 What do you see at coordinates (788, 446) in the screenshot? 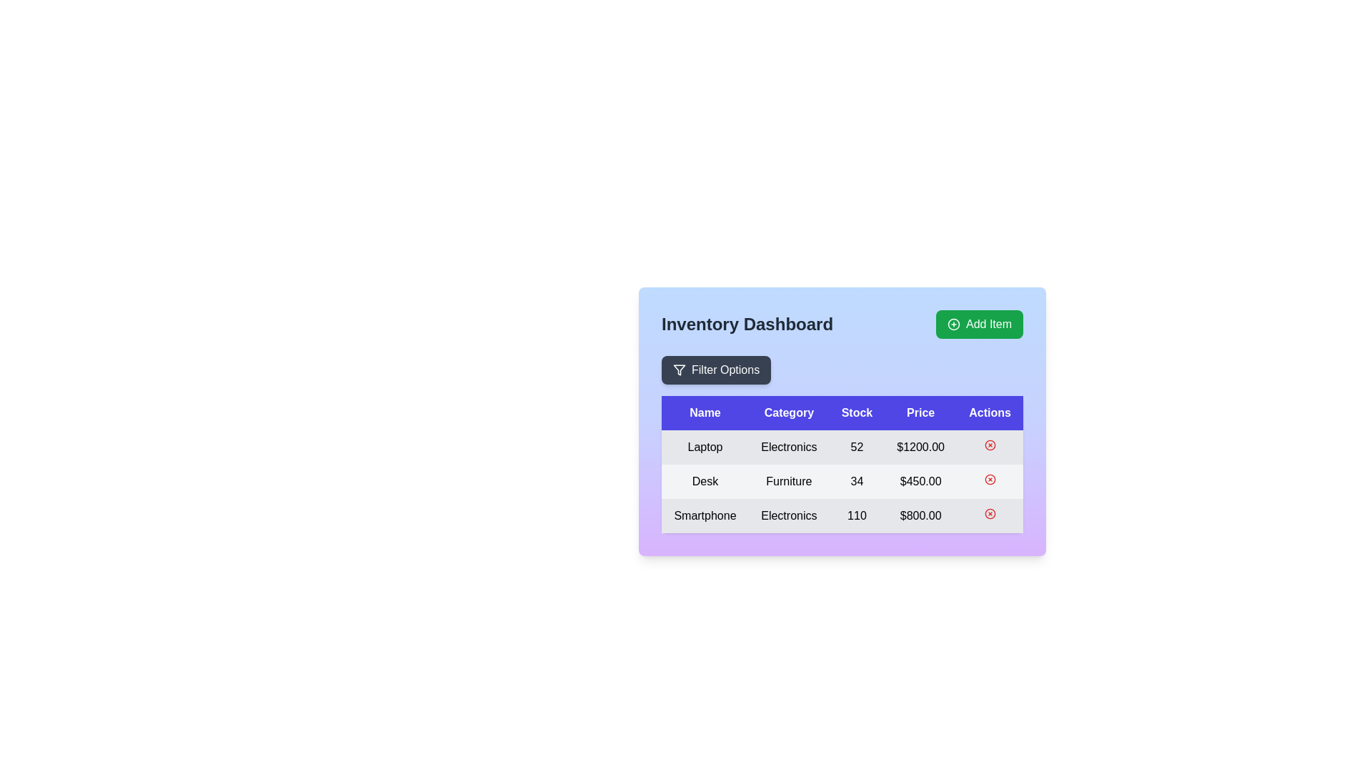
I see `the 'Electronics' static label in the second column of the first row of the table` at bounding box center [788, 446].